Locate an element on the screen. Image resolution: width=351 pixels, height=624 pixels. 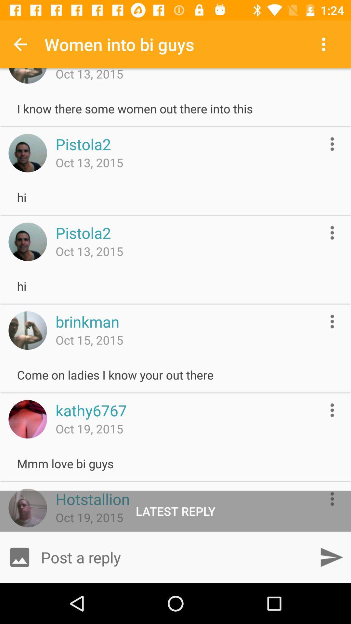
open message options menu is located at coordinates (332, 321).